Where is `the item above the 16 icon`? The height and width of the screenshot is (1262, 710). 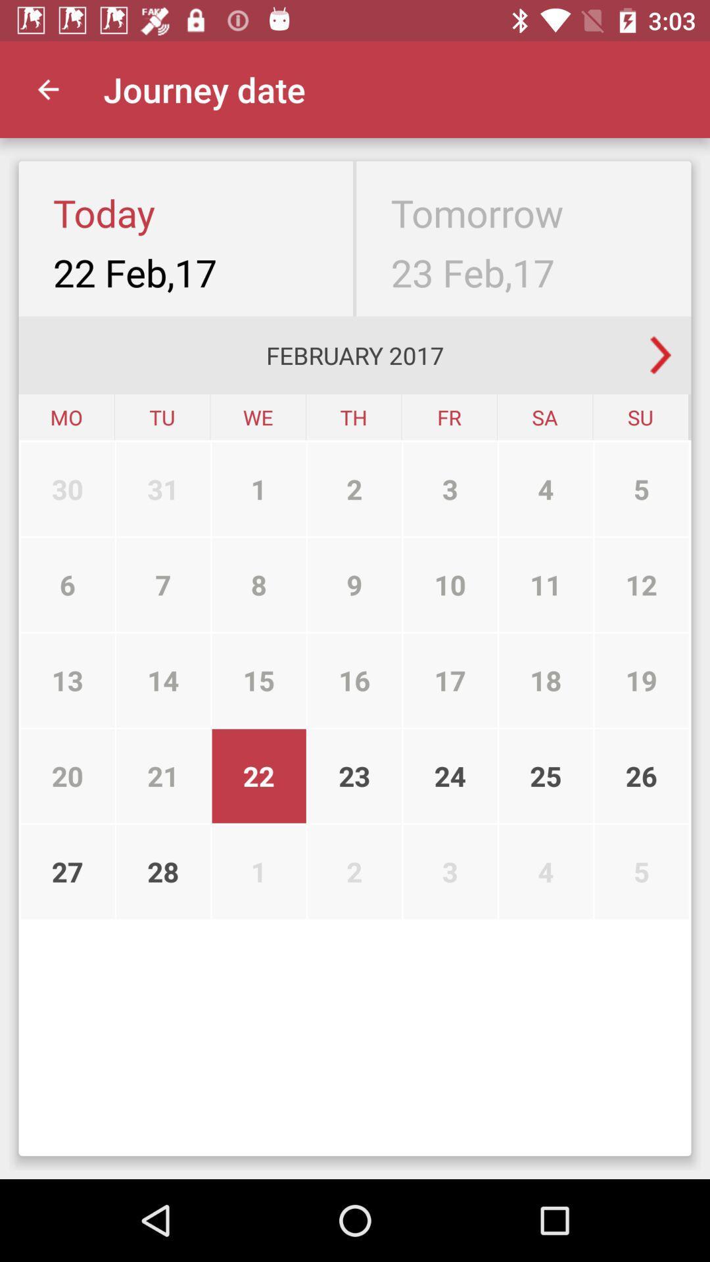 the item above the 16 icon is located at coordinates (450, 584).